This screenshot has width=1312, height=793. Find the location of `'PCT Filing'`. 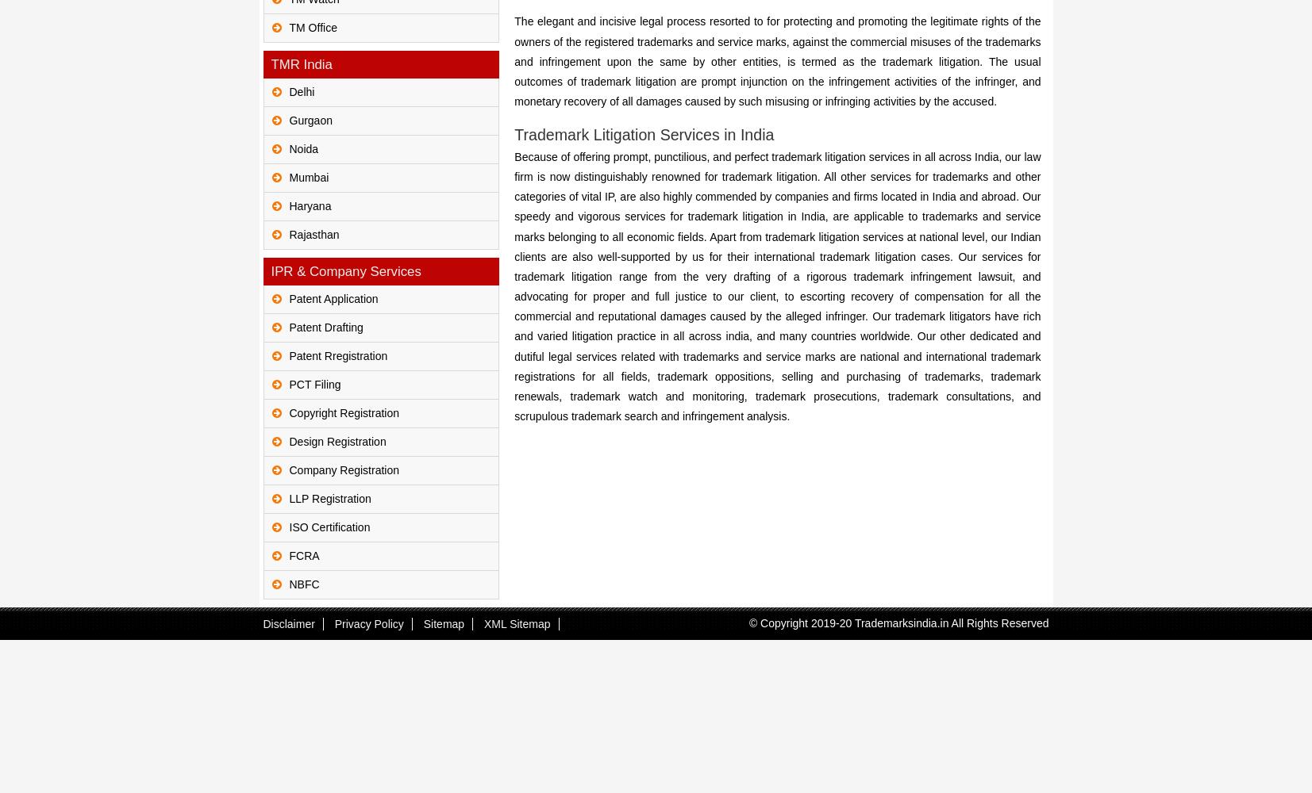

'PCT Filing' is located at coordinates (314, 384).